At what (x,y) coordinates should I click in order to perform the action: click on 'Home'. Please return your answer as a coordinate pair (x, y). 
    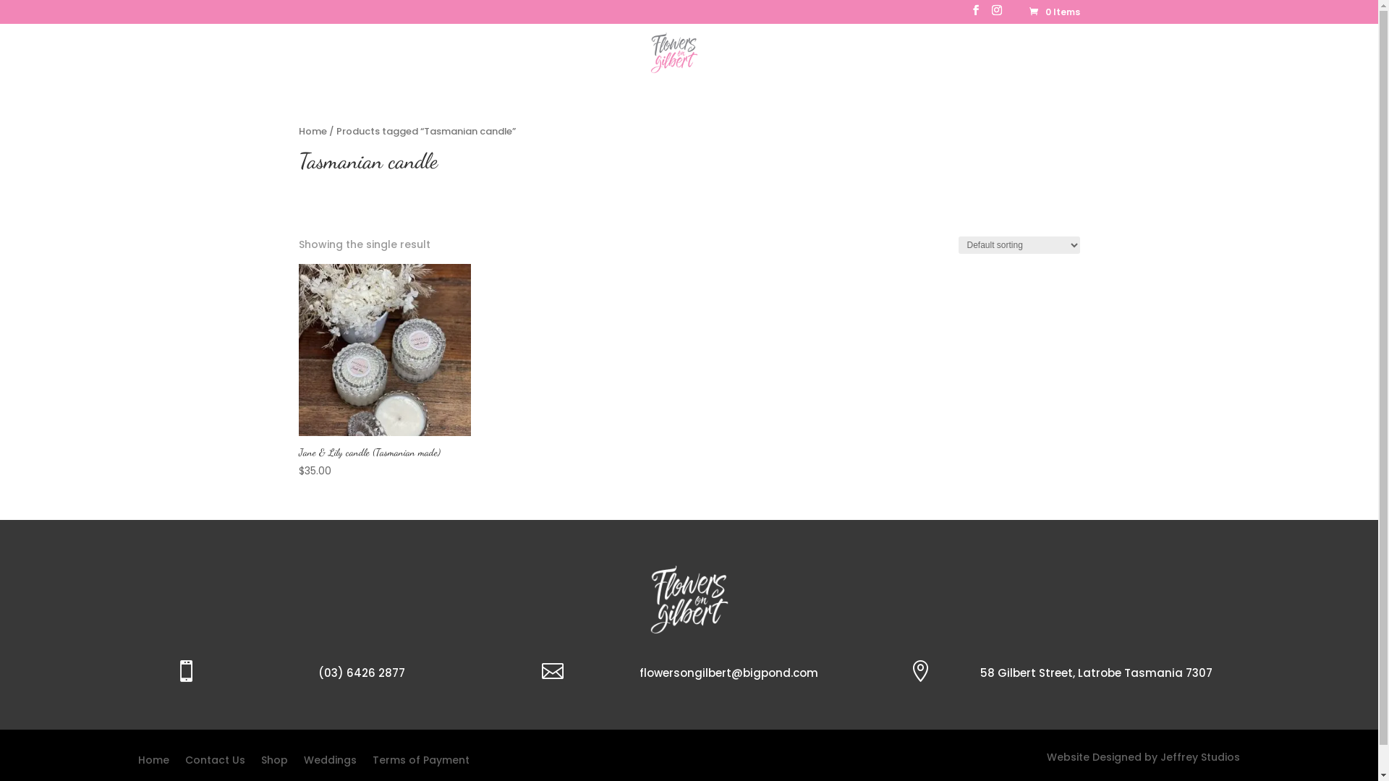
    Looking at the image, I should click on (311, 131).